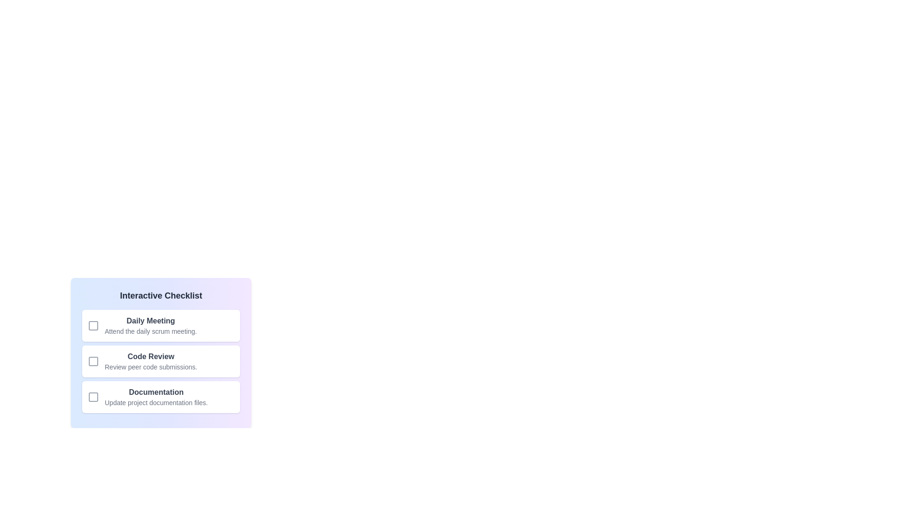 The width and height of the screenshot is (902, 507). I want to click on the second checklist item labeled for reviewing peer code submissions, so click(151, 361).